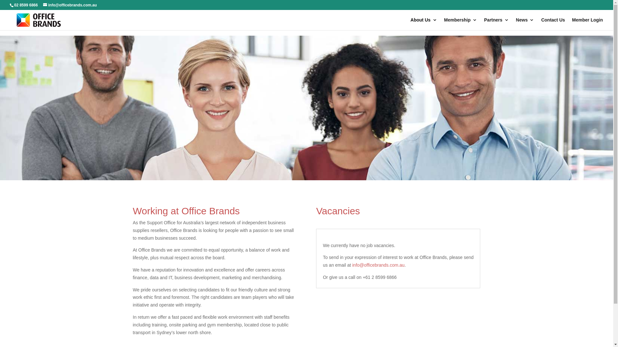  What do you see at coordinates (525, 23) in the screenshot?
I see `'News'` at bounding box center [525, 23].